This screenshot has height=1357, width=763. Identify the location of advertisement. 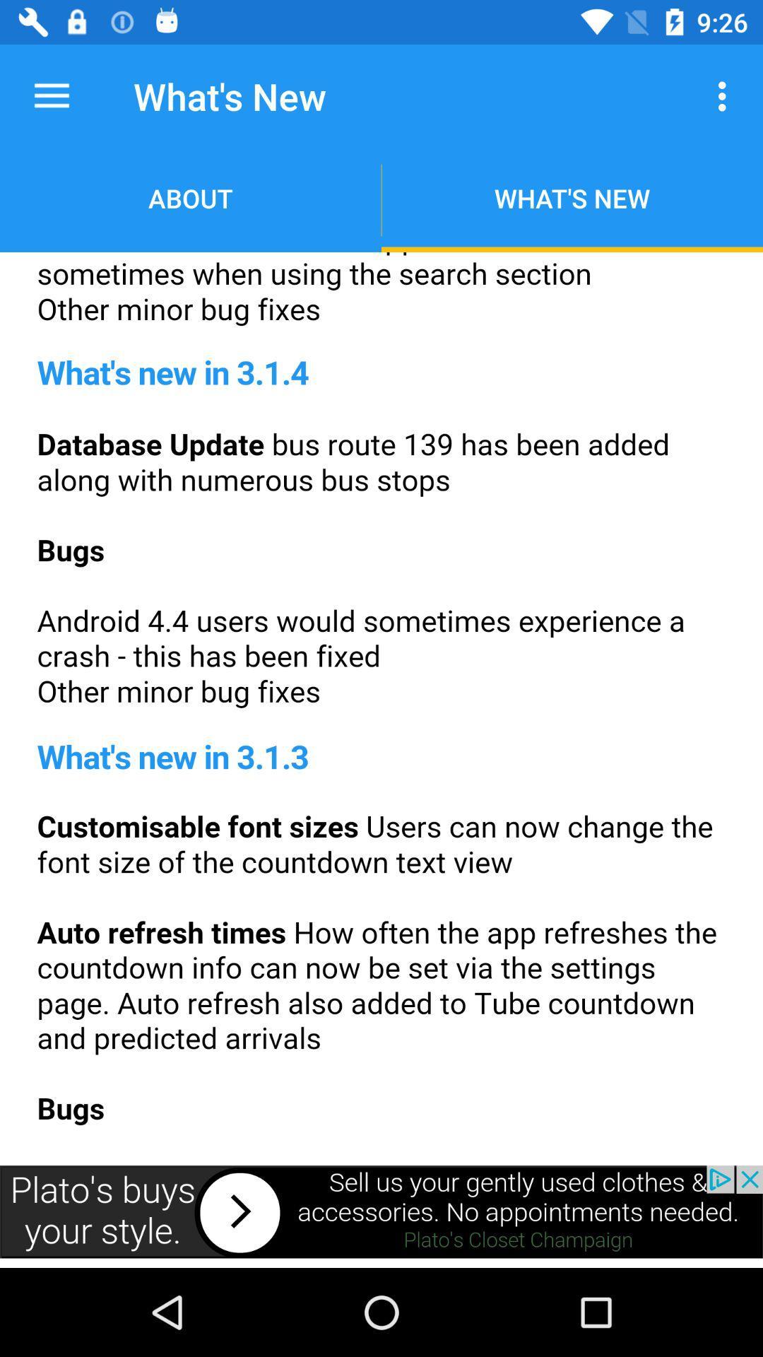
(381, 704).